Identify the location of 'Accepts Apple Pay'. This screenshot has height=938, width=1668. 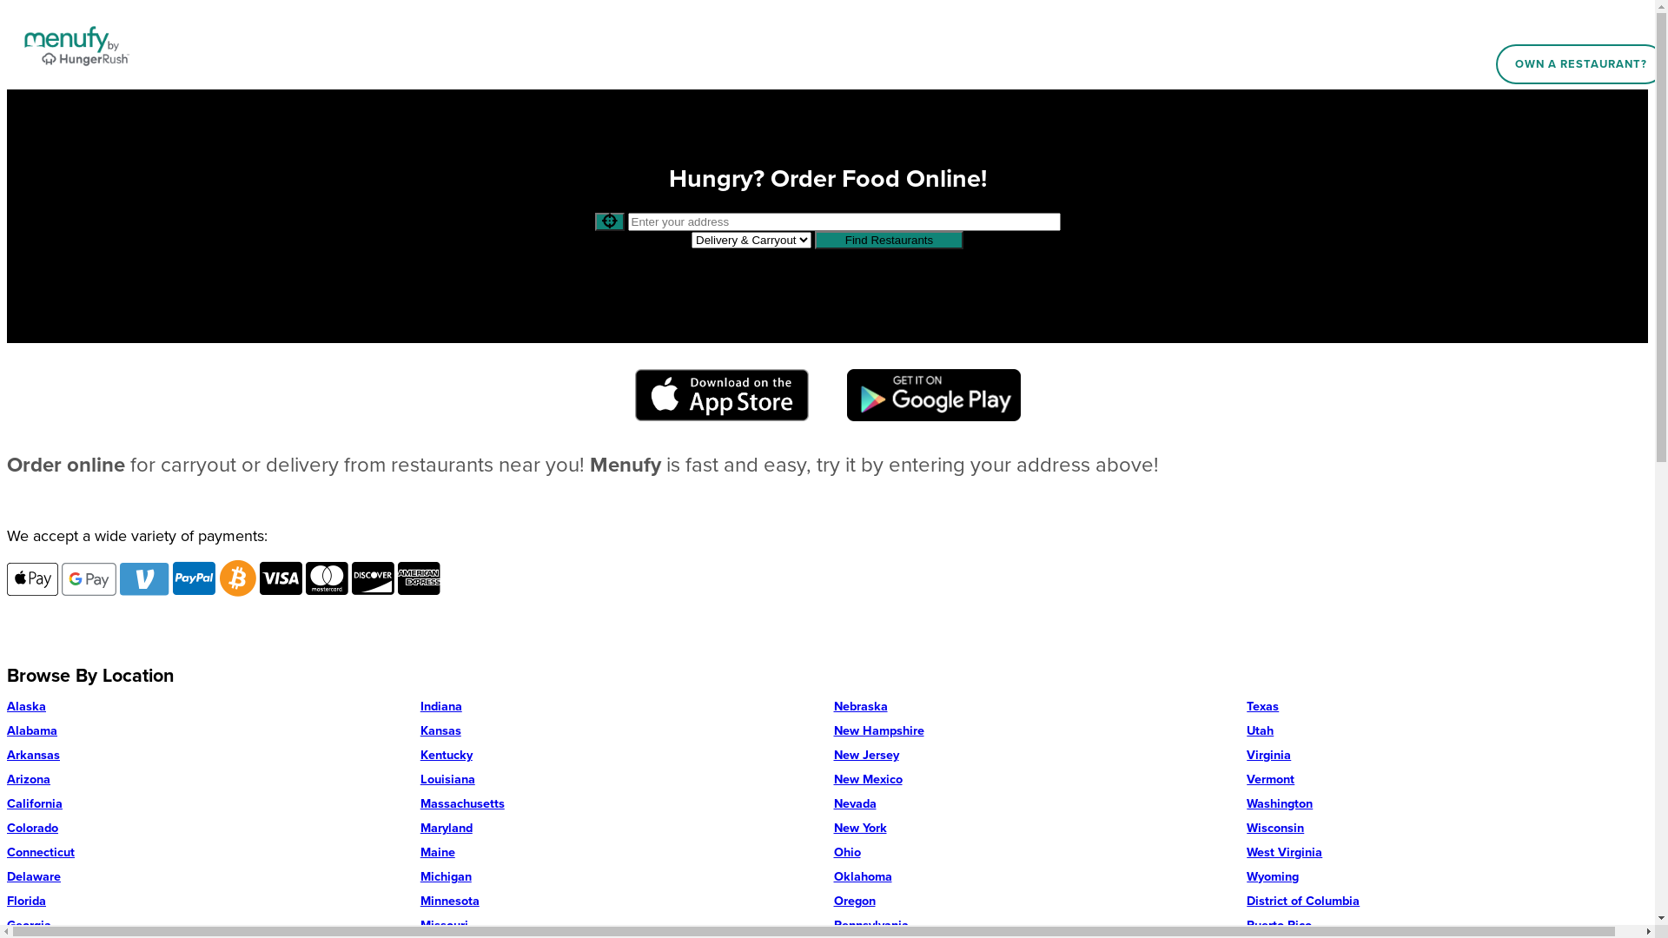
(7, 579).